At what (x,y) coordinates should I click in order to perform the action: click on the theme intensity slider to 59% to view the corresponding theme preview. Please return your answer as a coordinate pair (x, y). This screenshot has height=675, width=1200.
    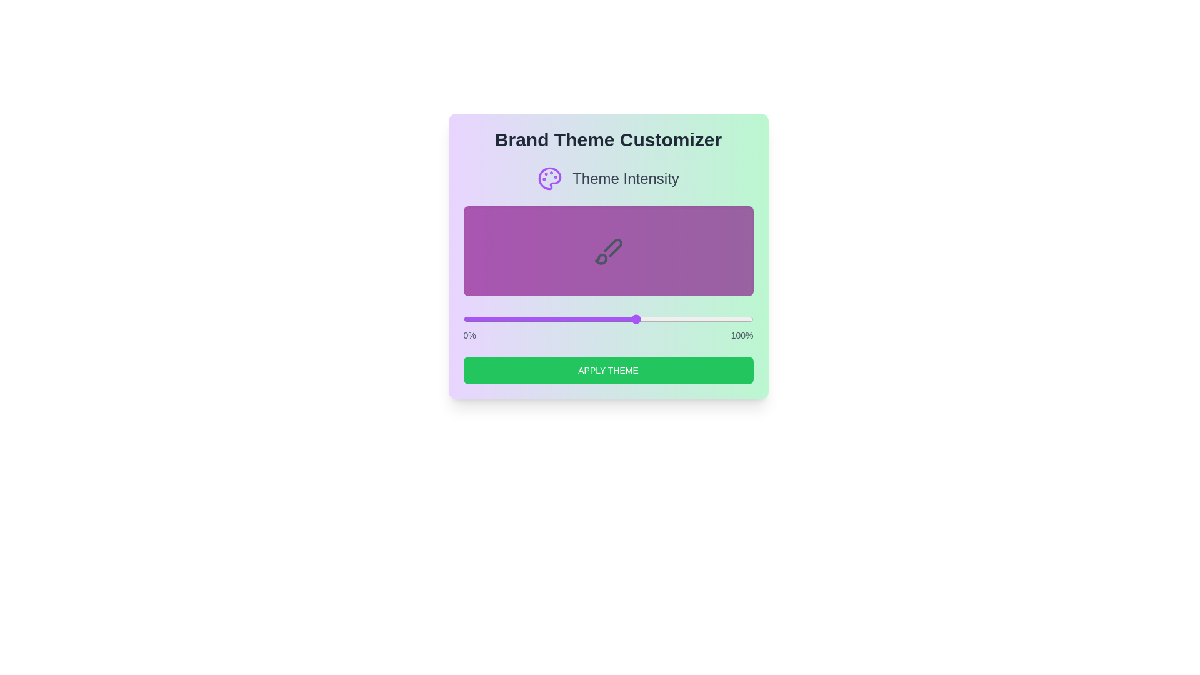
    Looking at the image, I should click on (634, 318).